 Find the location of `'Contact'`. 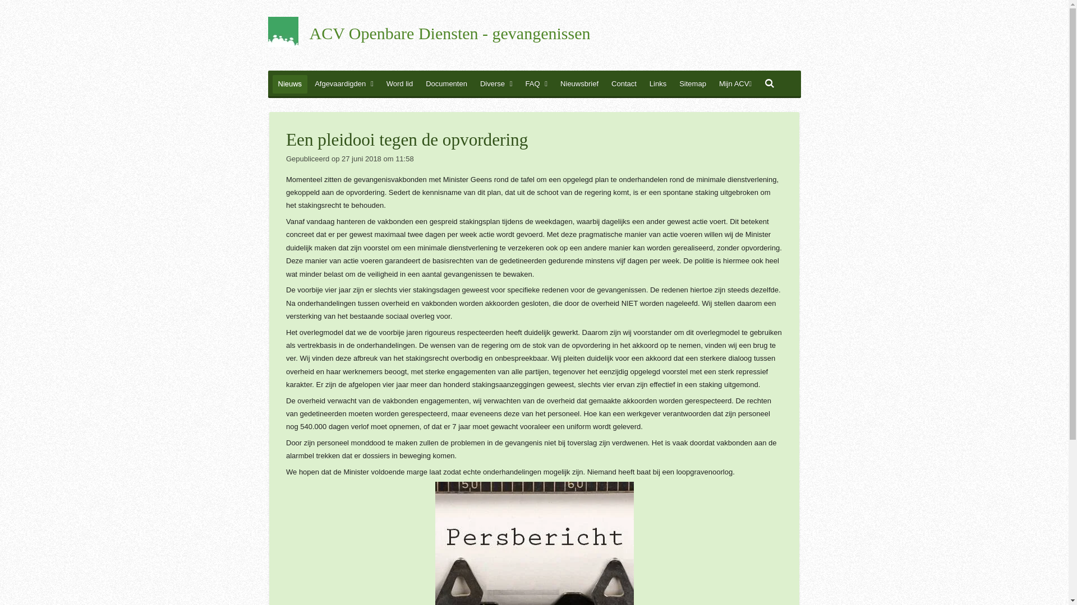

'Contact' is located at coordinates (623, 83).